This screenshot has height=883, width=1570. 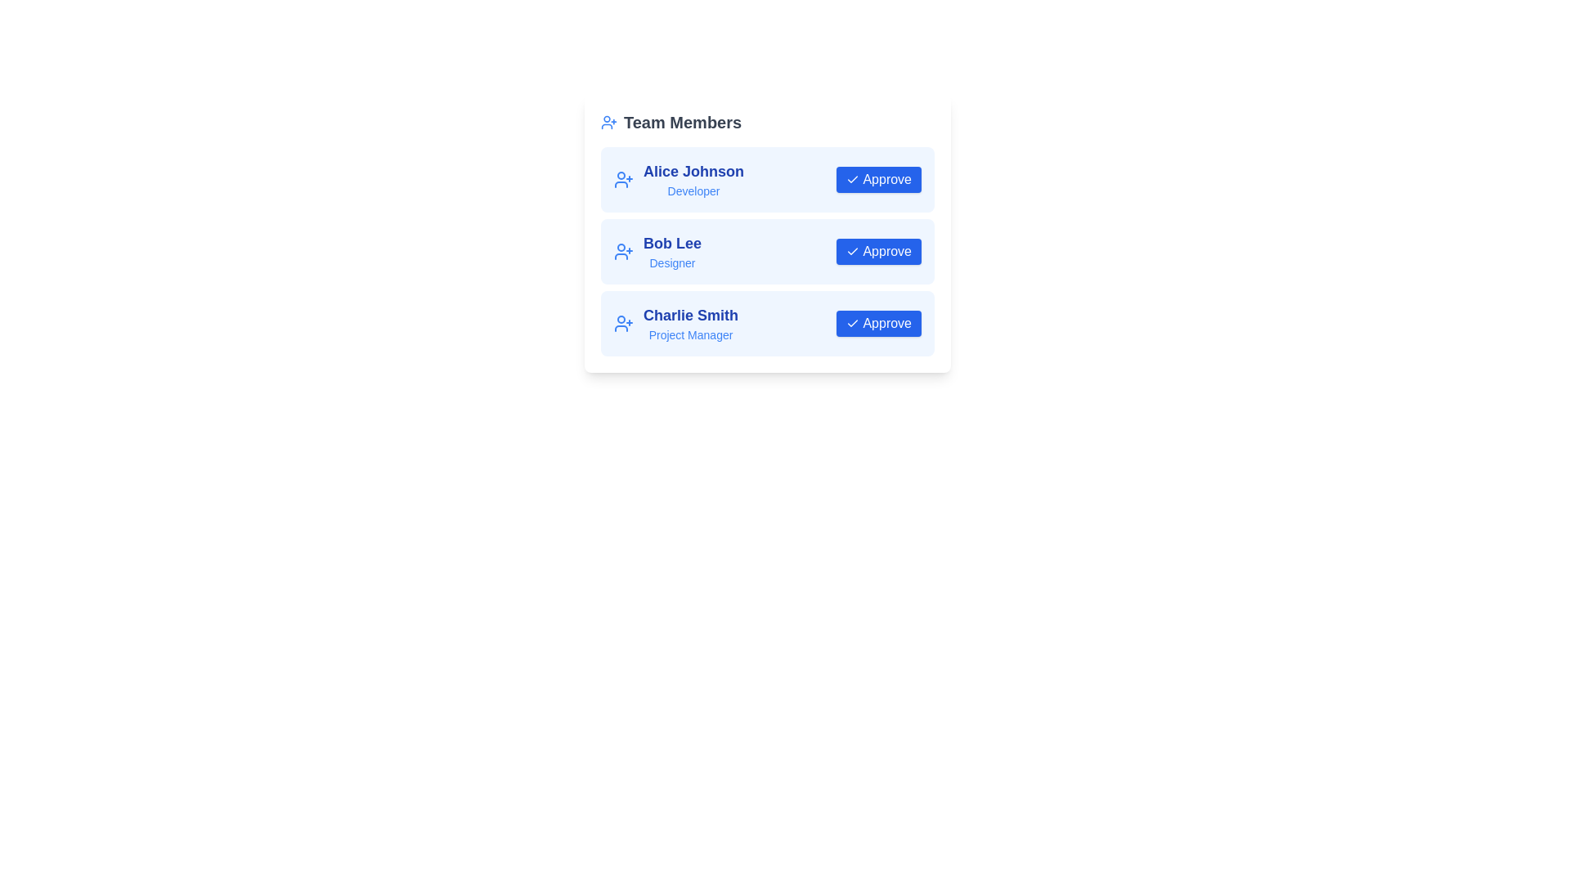 I want to click on the text label displaying 'Developer', which is styled in blue and positioned below 'Alice Johnson' in the profile card layout, so click(x=693, y=190).